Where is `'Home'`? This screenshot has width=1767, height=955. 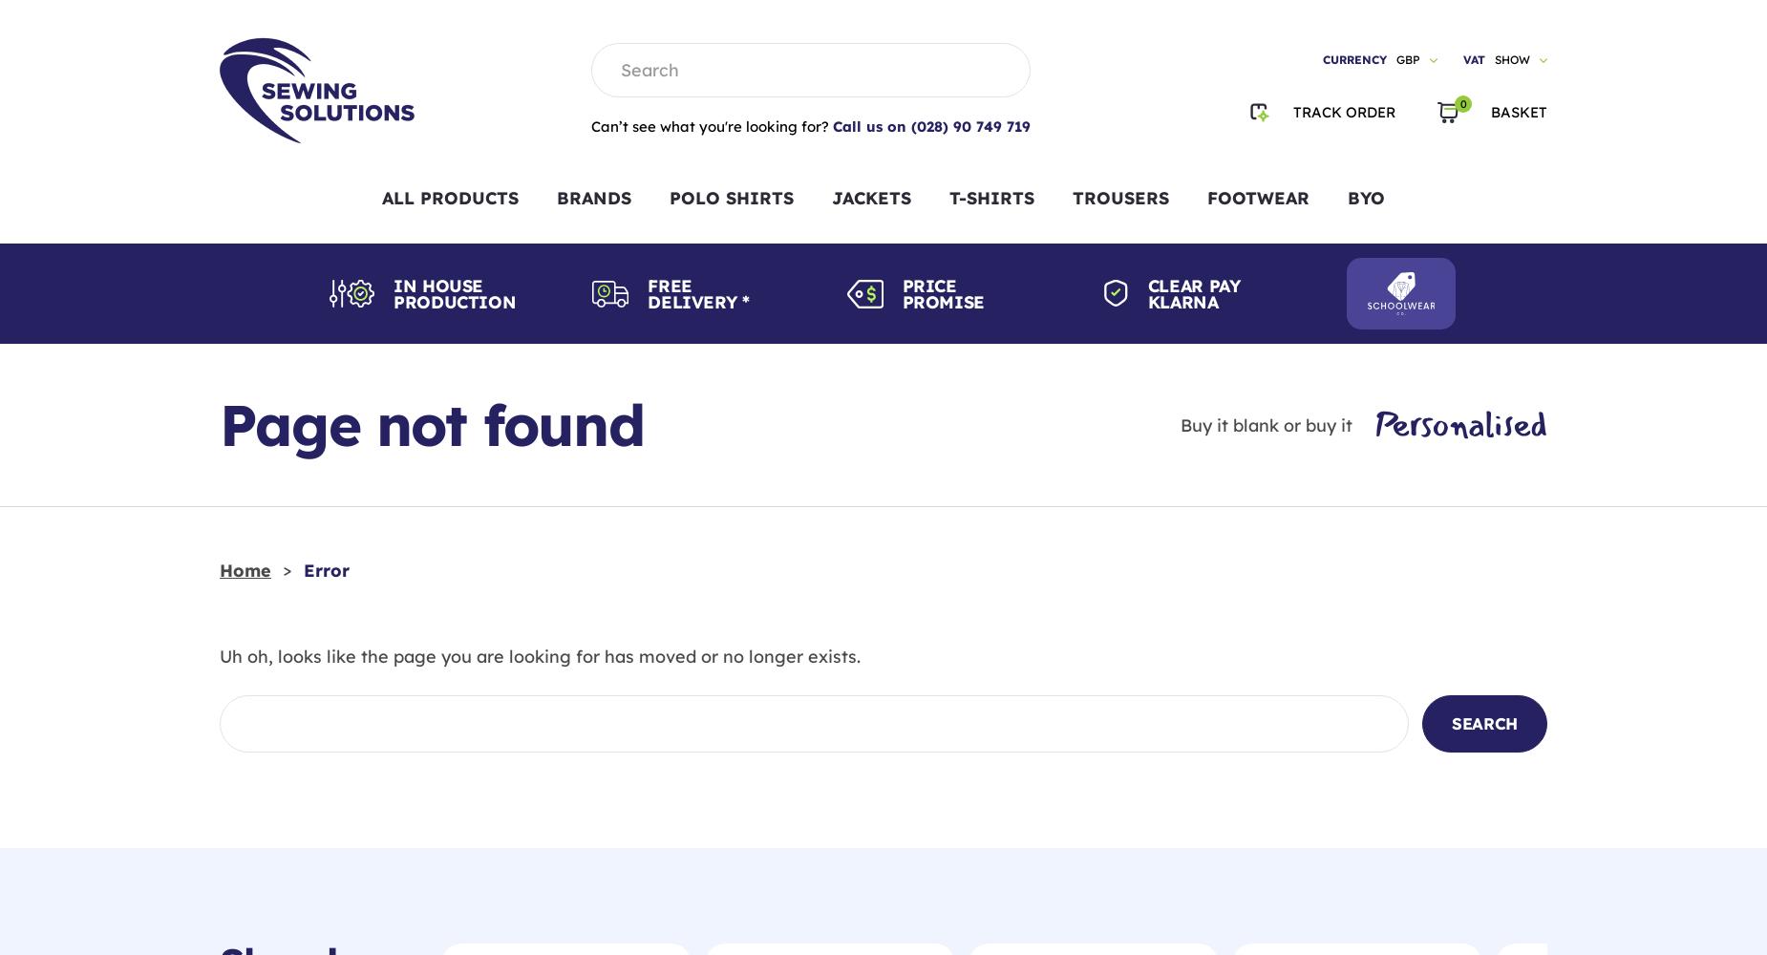
'Home' is located at coordinates (244, 569).